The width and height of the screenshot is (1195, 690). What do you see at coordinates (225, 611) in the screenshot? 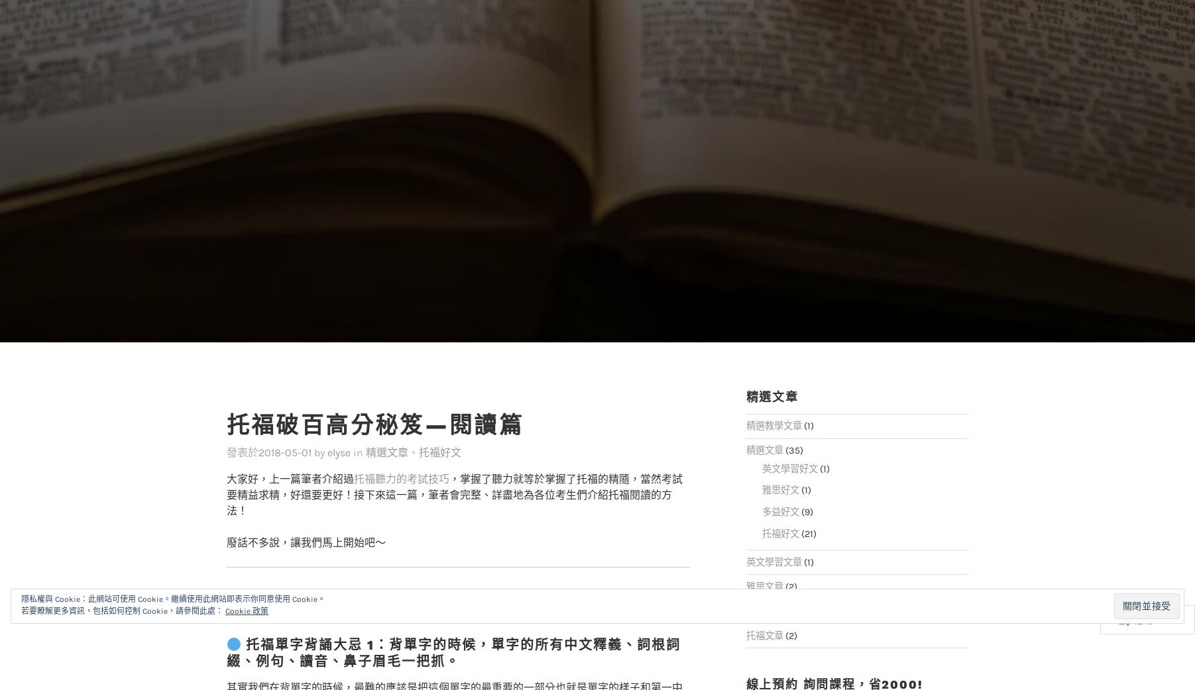
I see `'Cookie 政策'` at bounding box center [225, 611].